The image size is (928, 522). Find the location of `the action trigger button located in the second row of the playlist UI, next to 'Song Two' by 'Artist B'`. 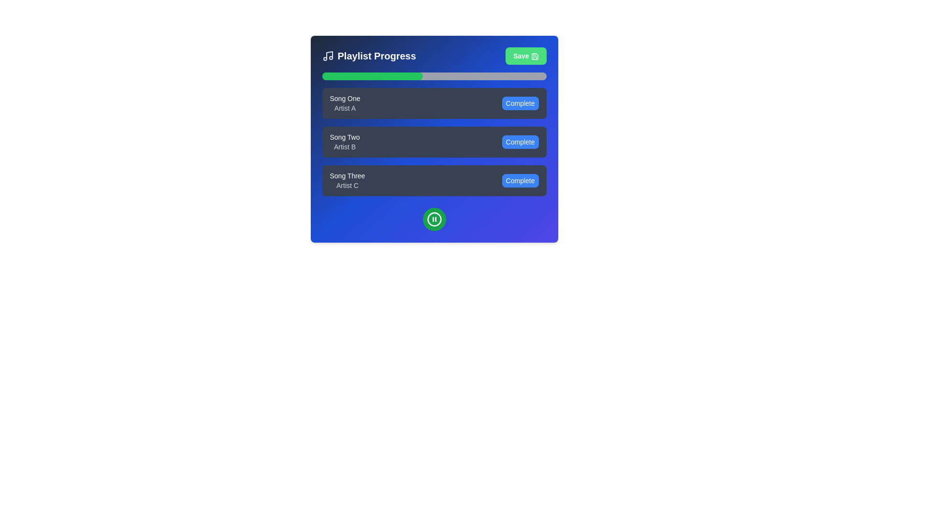

the action trigger button located in the second row of the playlist UI, next to 'Song Two' by 'Artist B' is located at coordinates (520, 142).